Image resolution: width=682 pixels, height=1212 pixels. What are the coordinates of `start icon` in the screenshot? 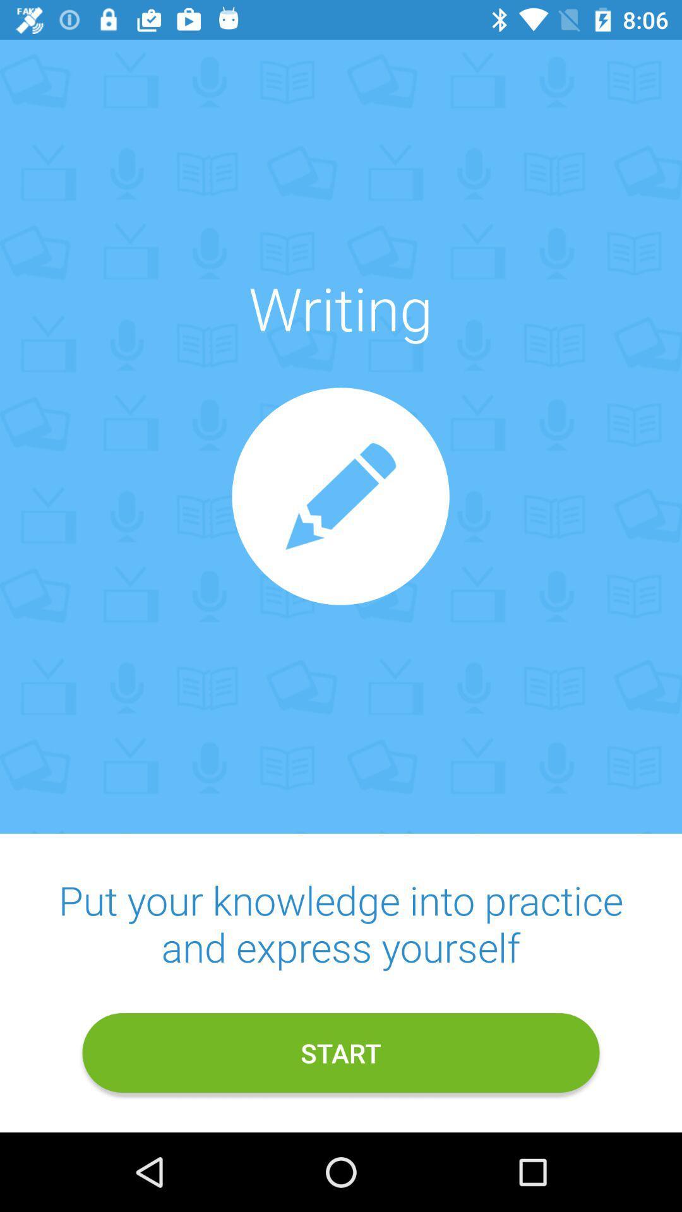 It's located at (341, 1053).